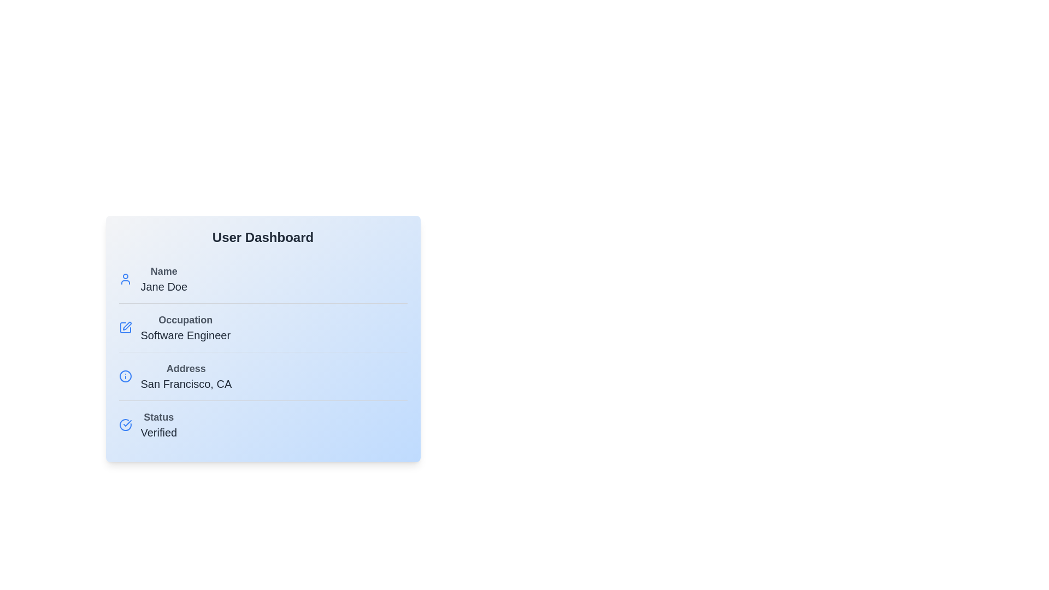  I want to click on text content displayed in the occupation information element located on the User Dashboard, which is the second entry below the Name and above the Address, so click(185, 327).